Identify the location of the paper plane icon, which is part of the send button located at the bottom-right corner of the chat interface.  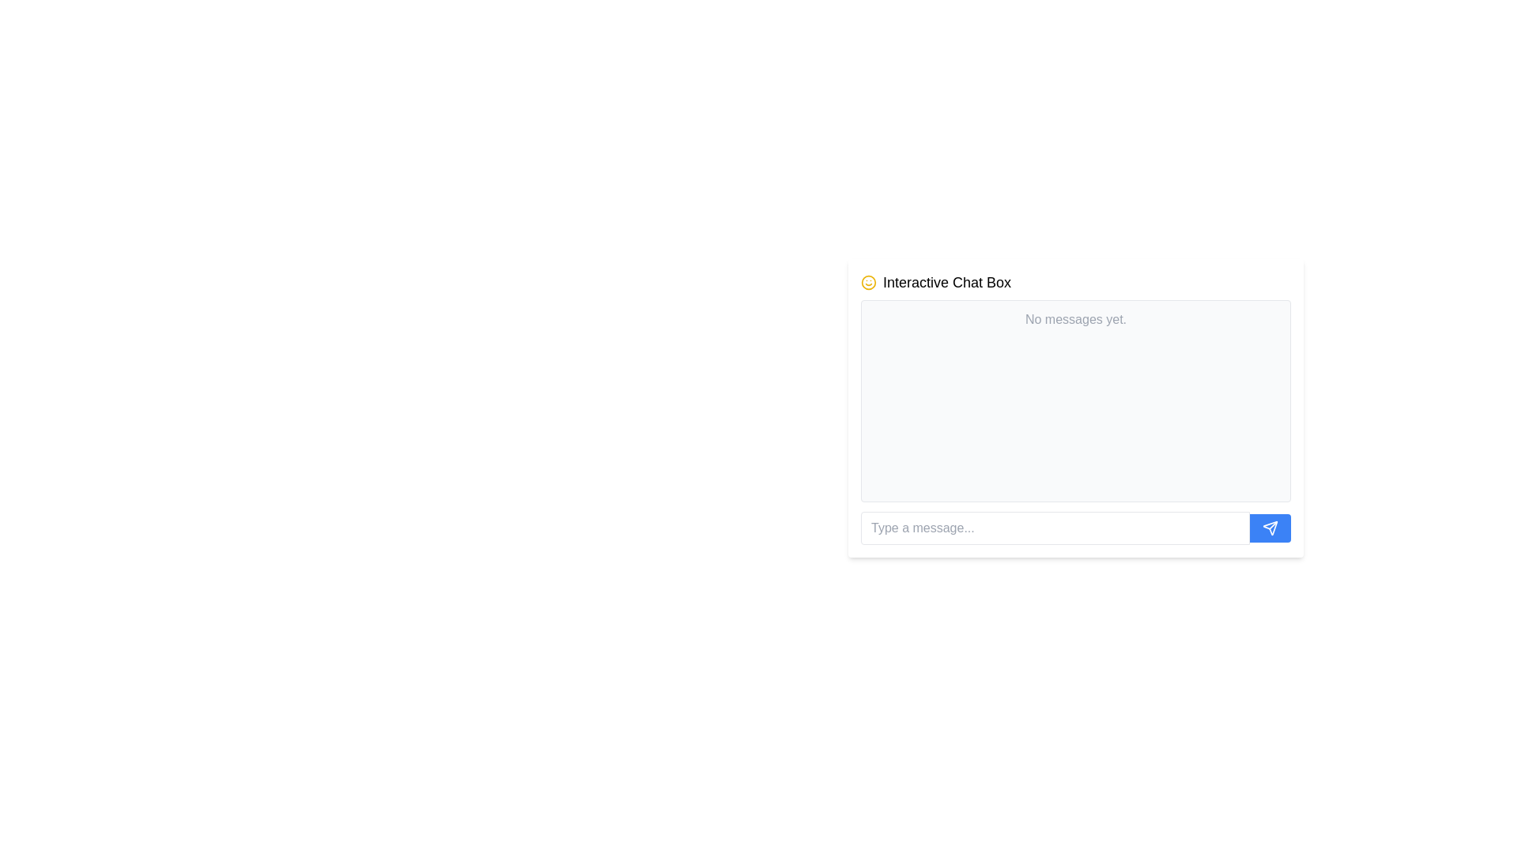
(1271, 528).